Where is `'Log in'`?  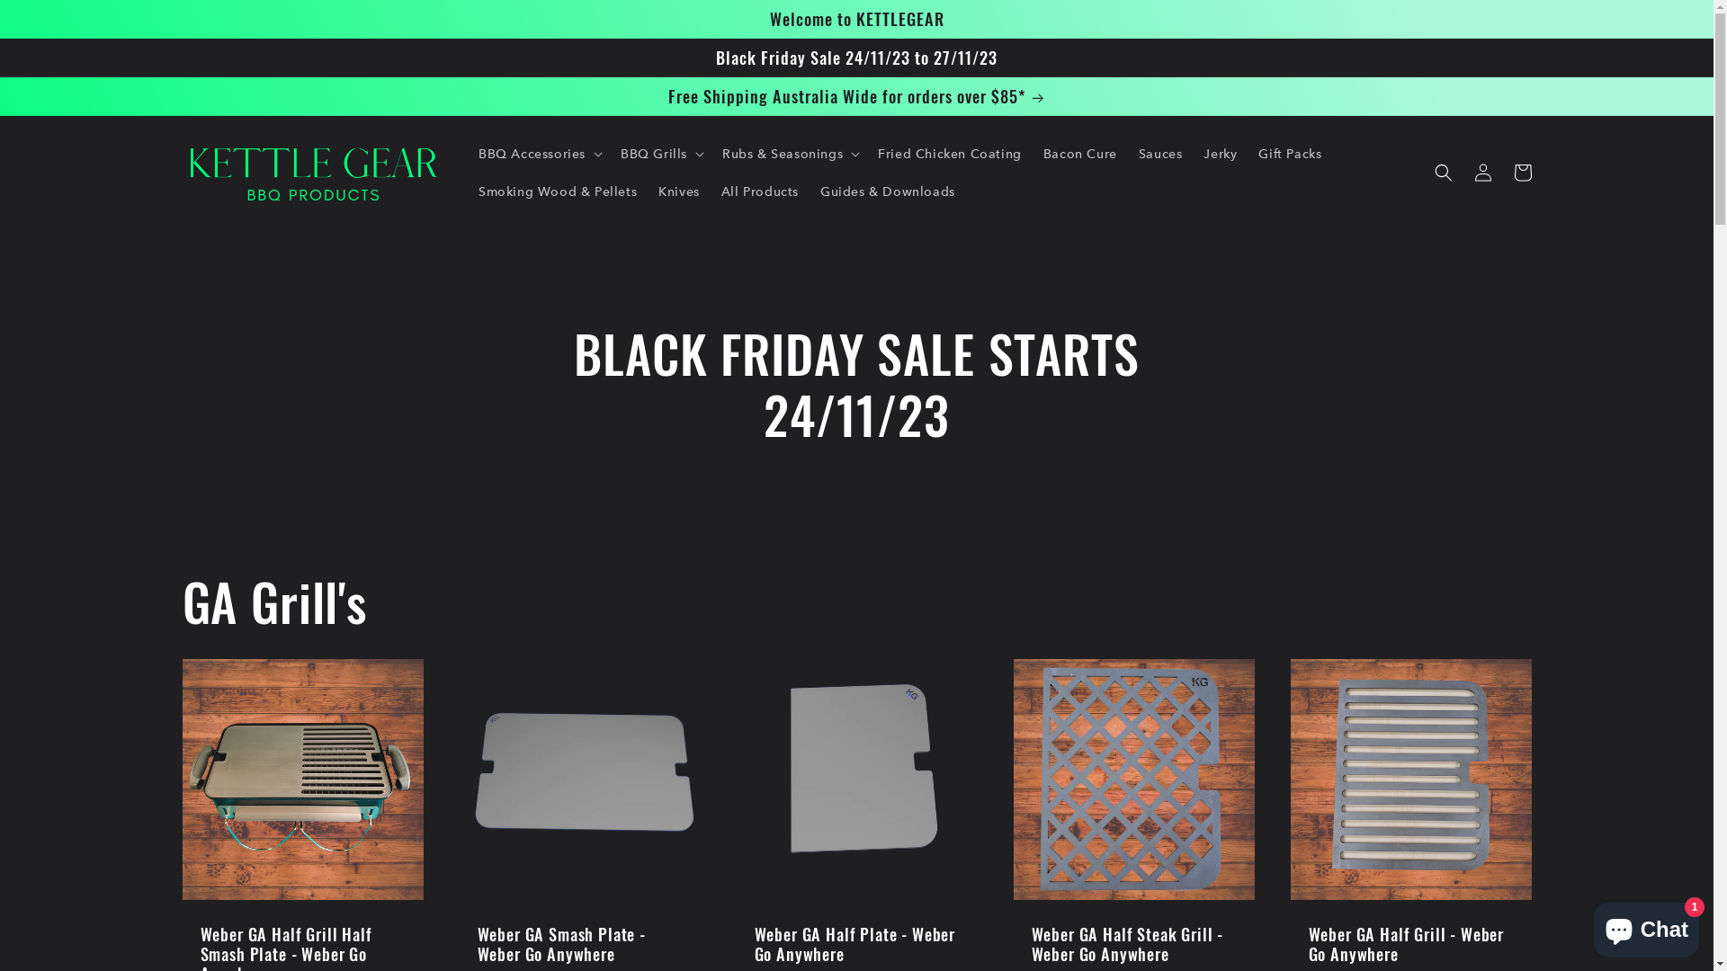
'Log in' is located at coordinates (1481, 173).